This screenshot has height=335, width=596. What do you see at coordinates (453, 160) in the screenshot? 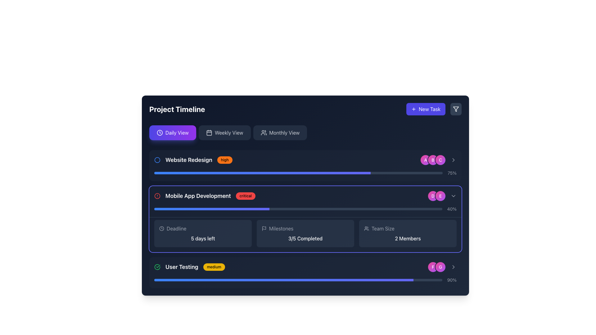
I see `the right-facing chevron icon, which is the last element in a group of profile initials labeled 'A', 'B', and 'C'` at bounding box center [453, 160].